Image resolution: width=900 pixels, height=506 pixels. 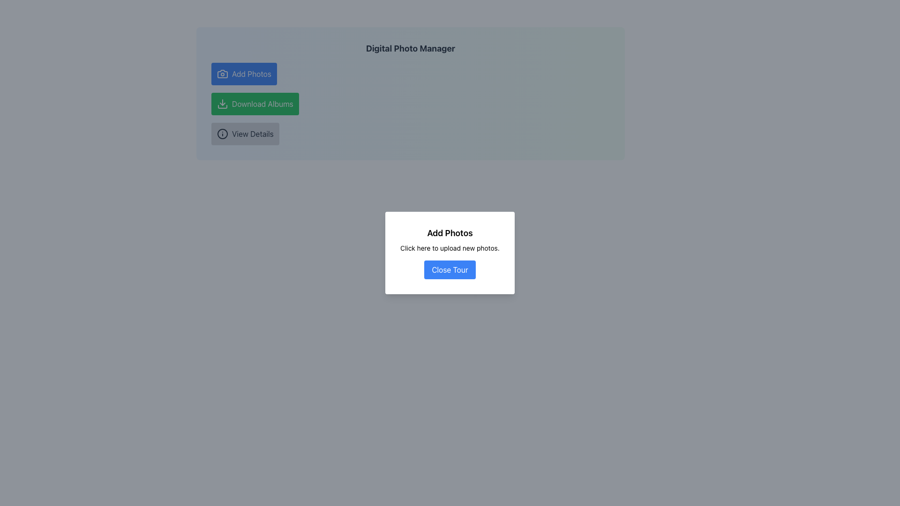 What do you see at coordinates (222, 74) in the screenshot?
I see `the camera icon which is styled with a thin stroke and rounded edges, located to the left of the 'Add Photos' text in the button` at bounding box center [222, 74].